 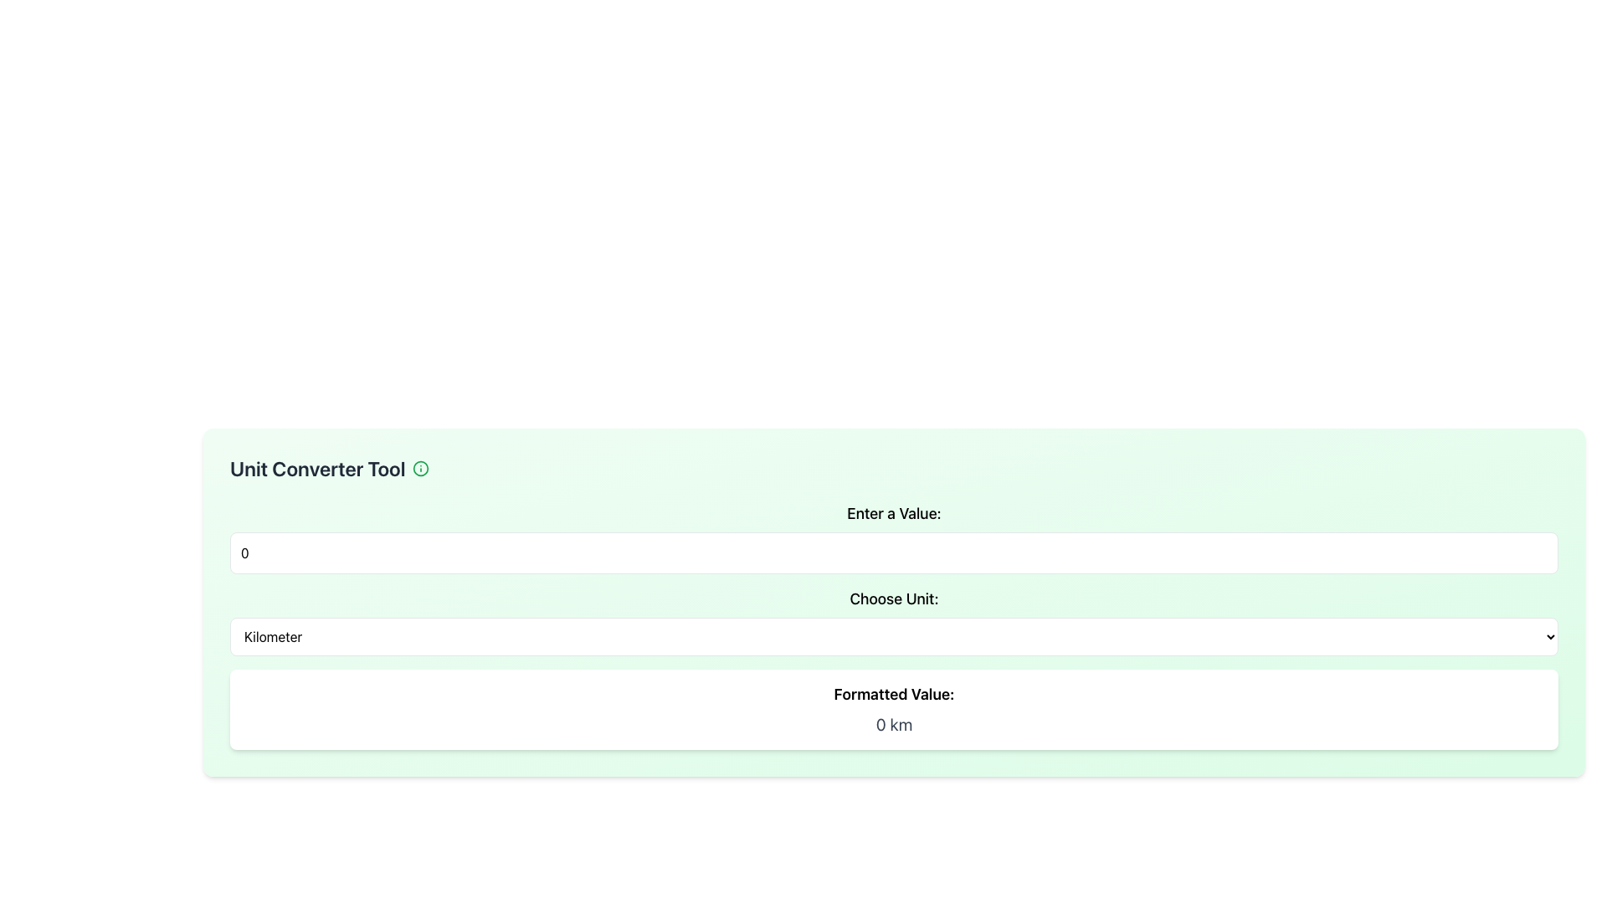 I want to click on the green circular icon resembling an information symbol, located to the right of the 'Unit Converter Tool' text in the header, so click(x=420, y=468).